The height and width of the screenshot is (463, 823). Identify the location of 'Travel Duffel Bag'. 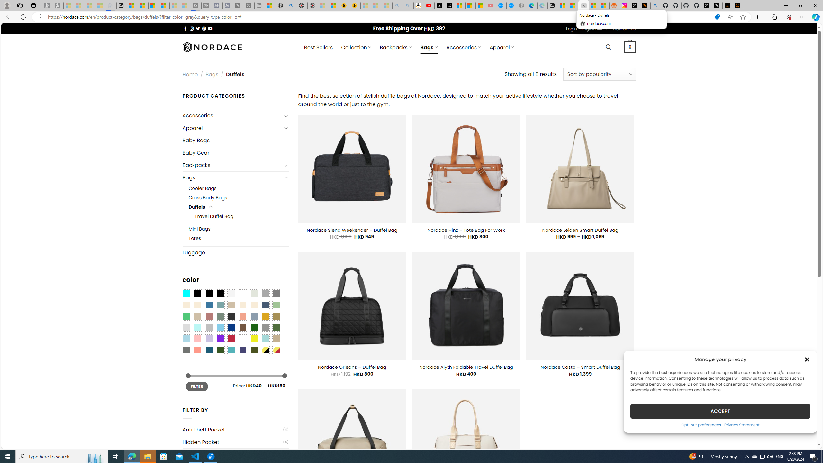
(241, 216).